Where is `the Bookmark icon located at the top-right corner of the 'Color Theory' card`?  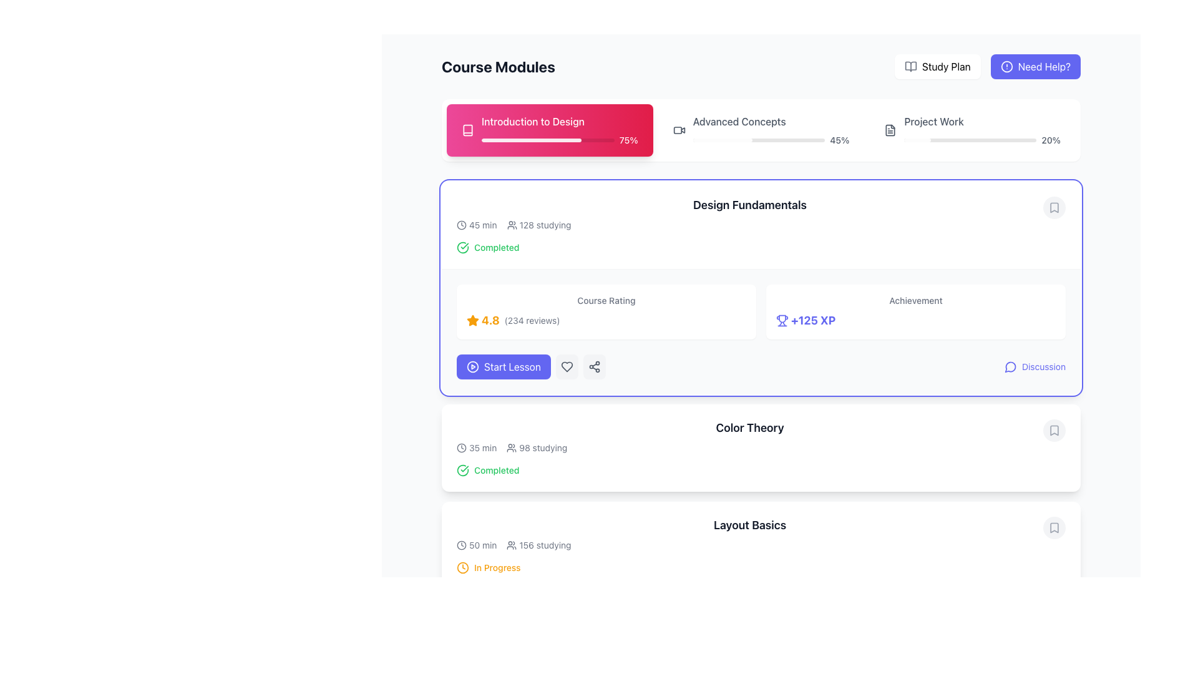 the Bookmark icon located at the top-right corner of the 'Color Theory' card is located at coordinates (1053, 430).